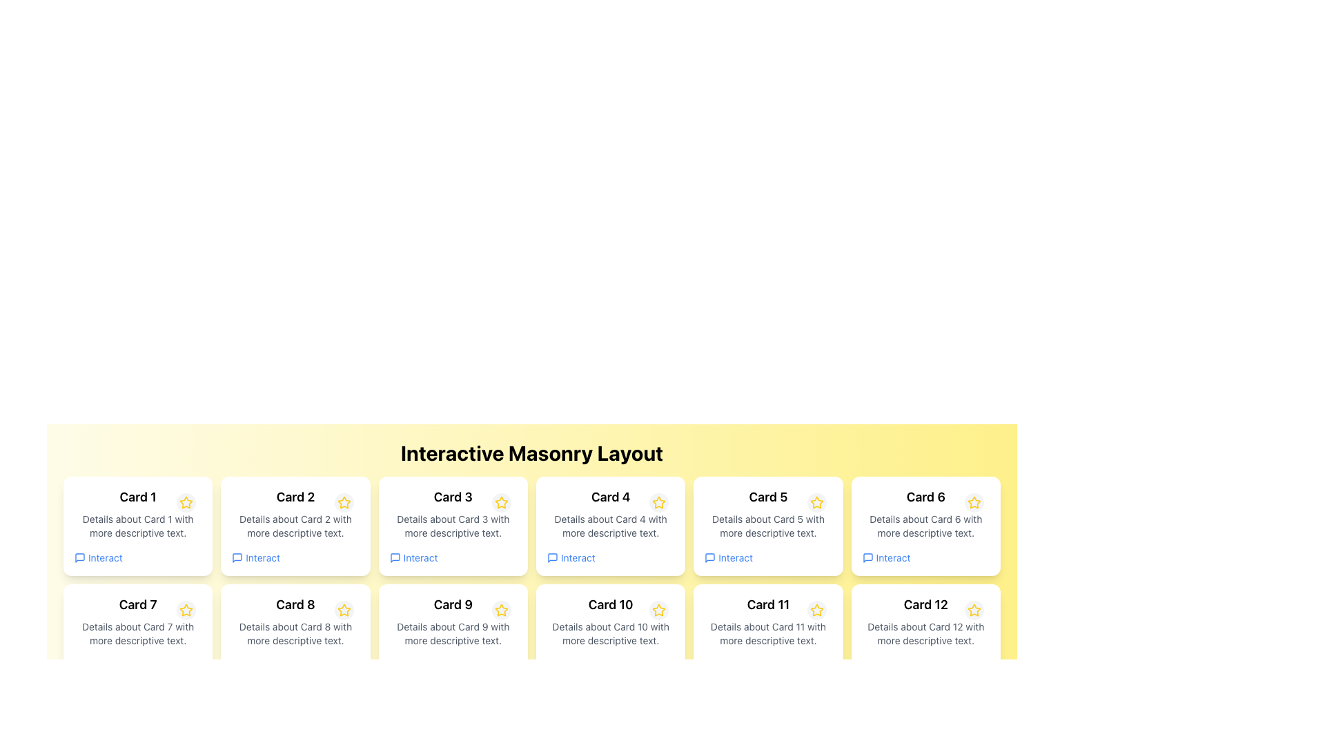 The width and height of the screenshot is (1325, 745). Describe the element at coordinates (767, 604) in the screenshot. I see `the bold heading text labeled 'Card 11', which is centered above its descriptive text in the card layout` at that location.